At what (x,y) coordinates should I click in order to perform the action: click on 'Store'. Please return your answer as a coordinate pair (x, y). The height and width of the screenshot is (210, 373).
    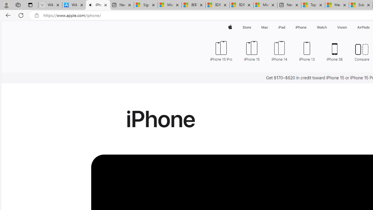
    Looking at the image, I should click on (247, 27).